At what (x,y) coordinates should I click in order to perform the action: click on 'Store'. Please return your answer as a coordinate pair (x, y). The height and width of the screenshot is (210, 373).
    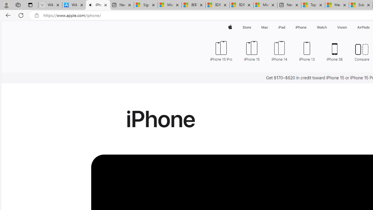
    Looking at the image, I should click on (247, 27).